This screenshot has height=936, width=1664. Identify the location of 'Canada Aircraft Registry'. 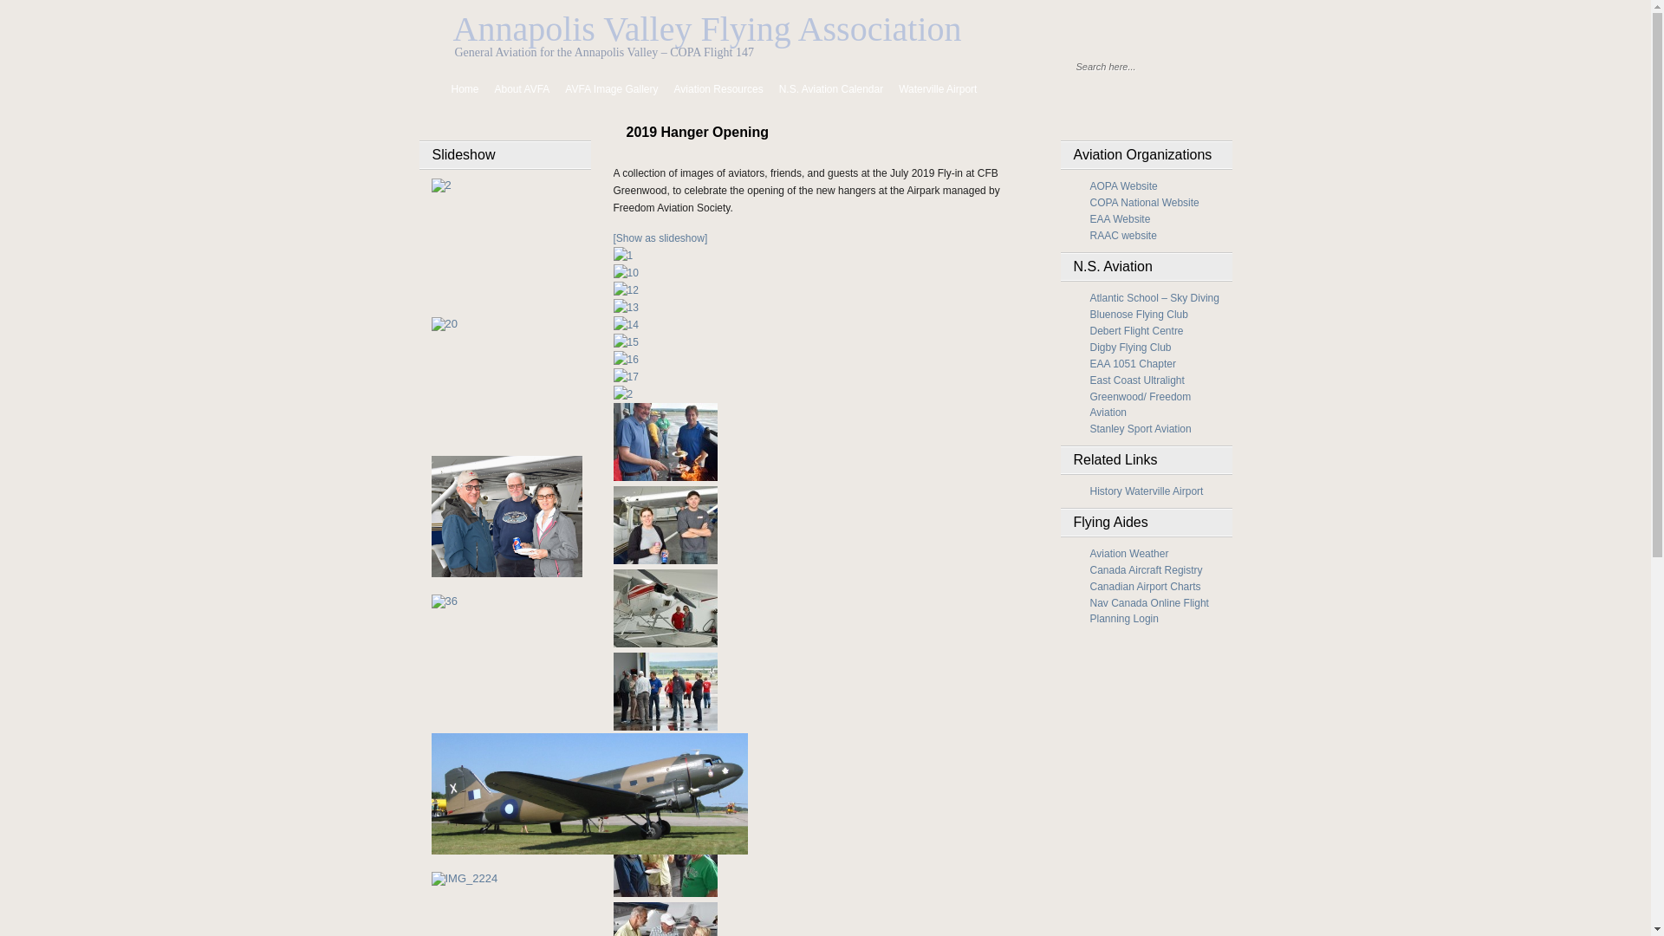
(1089, 570).